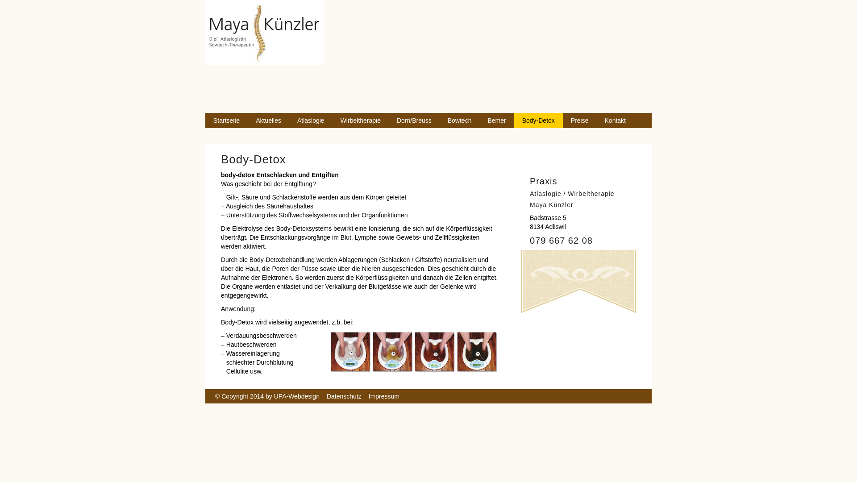 The height and width of the screenshot is (482, 857). Describe the element at coordinates (439, 120) in the screenshot. I see `'Bowtech'` at that location.